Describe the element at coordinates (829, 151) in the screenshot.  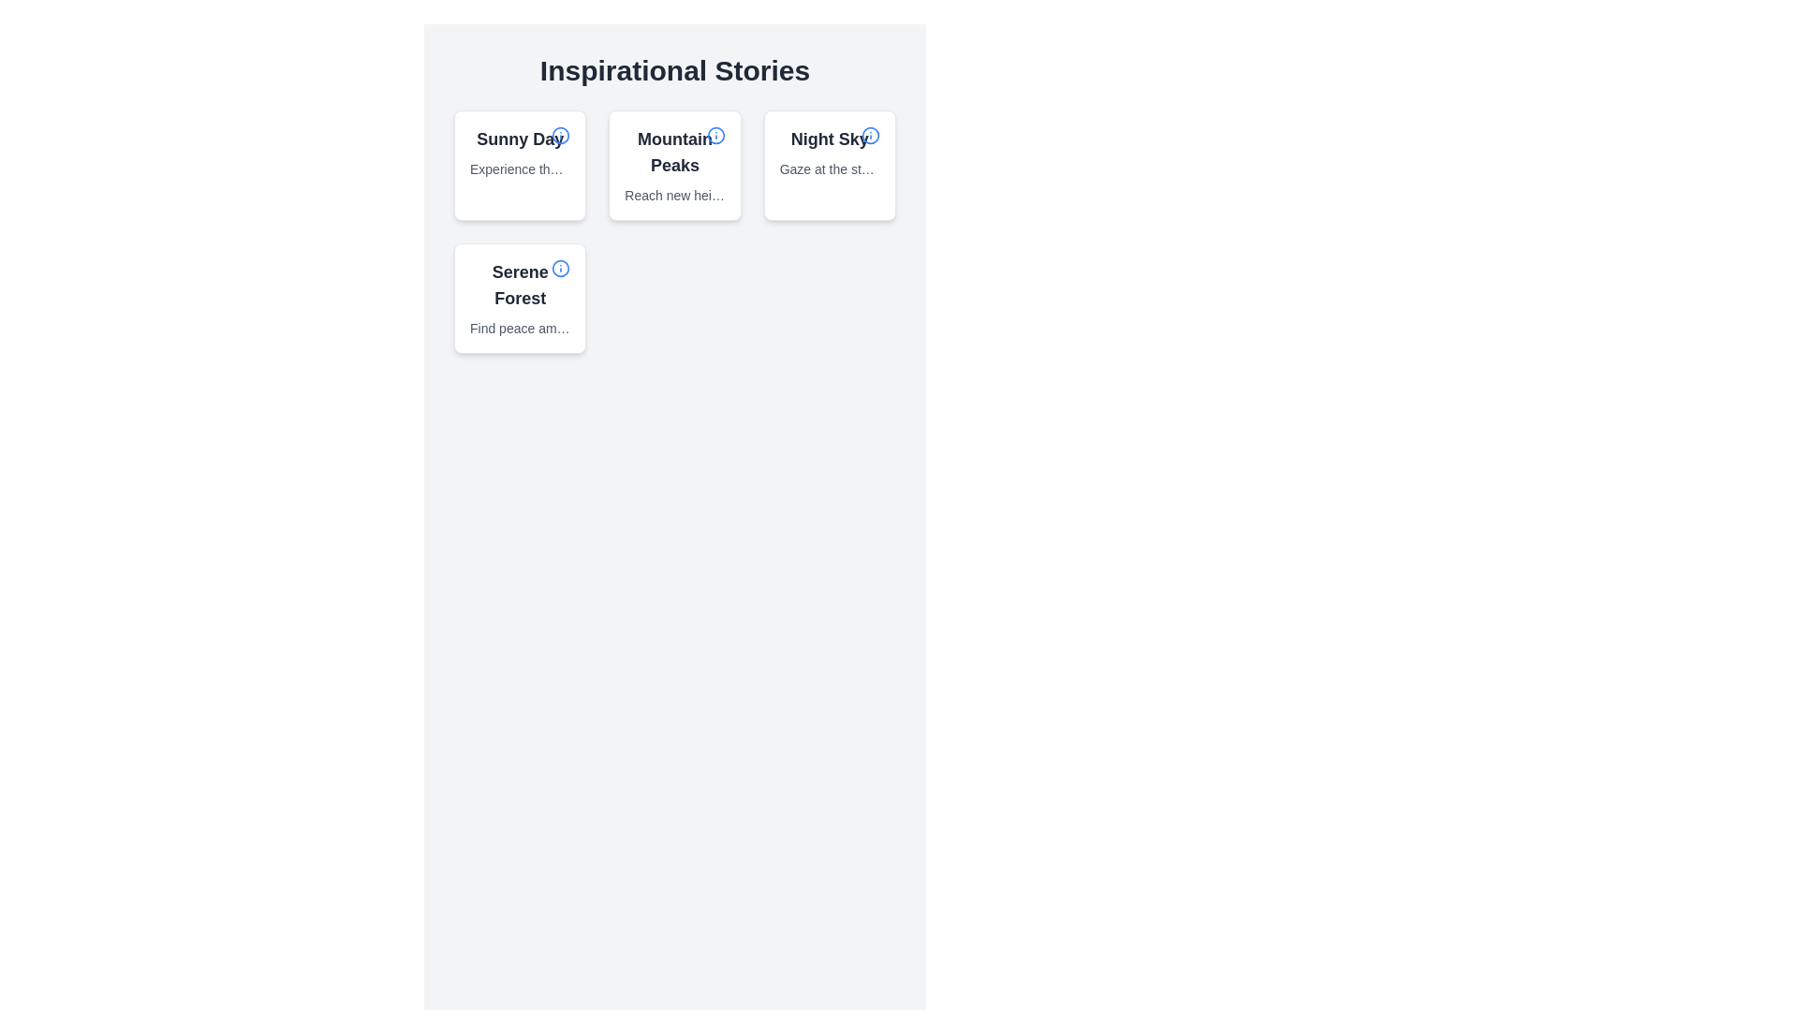
I see `the 'Night Sky' informational card located in the upper-right corner of the grid layout, which features a white background, rounded corners, and the text 'Gaze at the starry night and immerse in the cosmos.'` at that location.